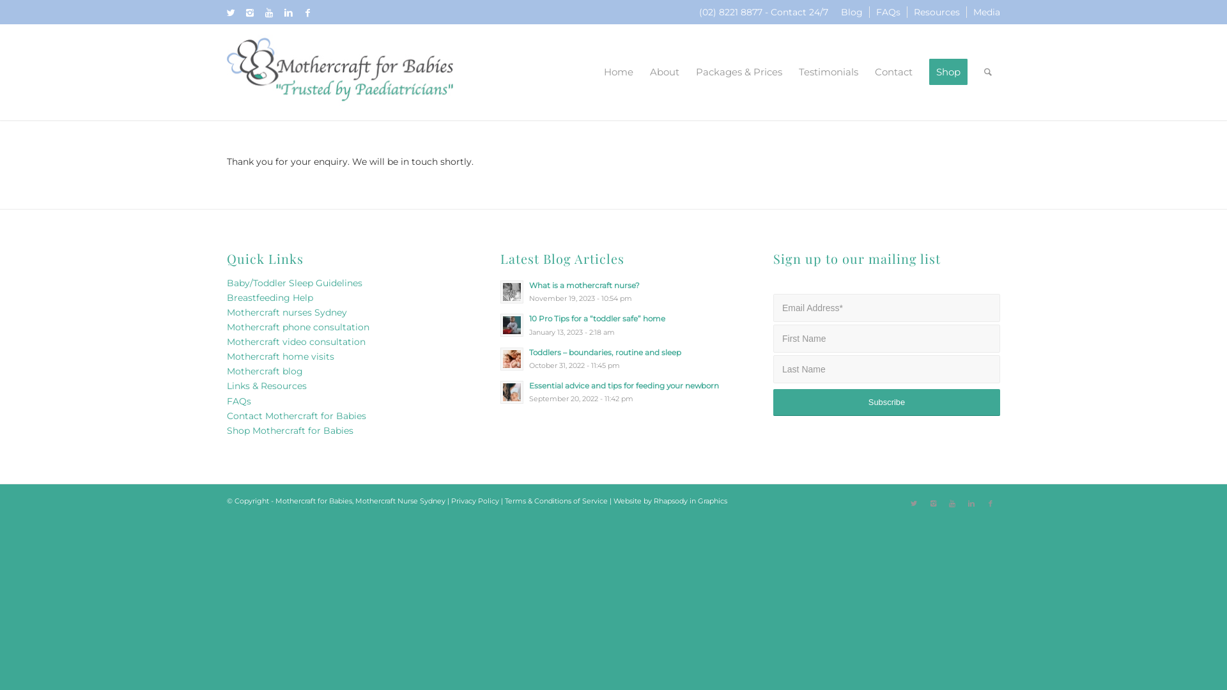  I want to click on 'Contact', so click(867, 72).